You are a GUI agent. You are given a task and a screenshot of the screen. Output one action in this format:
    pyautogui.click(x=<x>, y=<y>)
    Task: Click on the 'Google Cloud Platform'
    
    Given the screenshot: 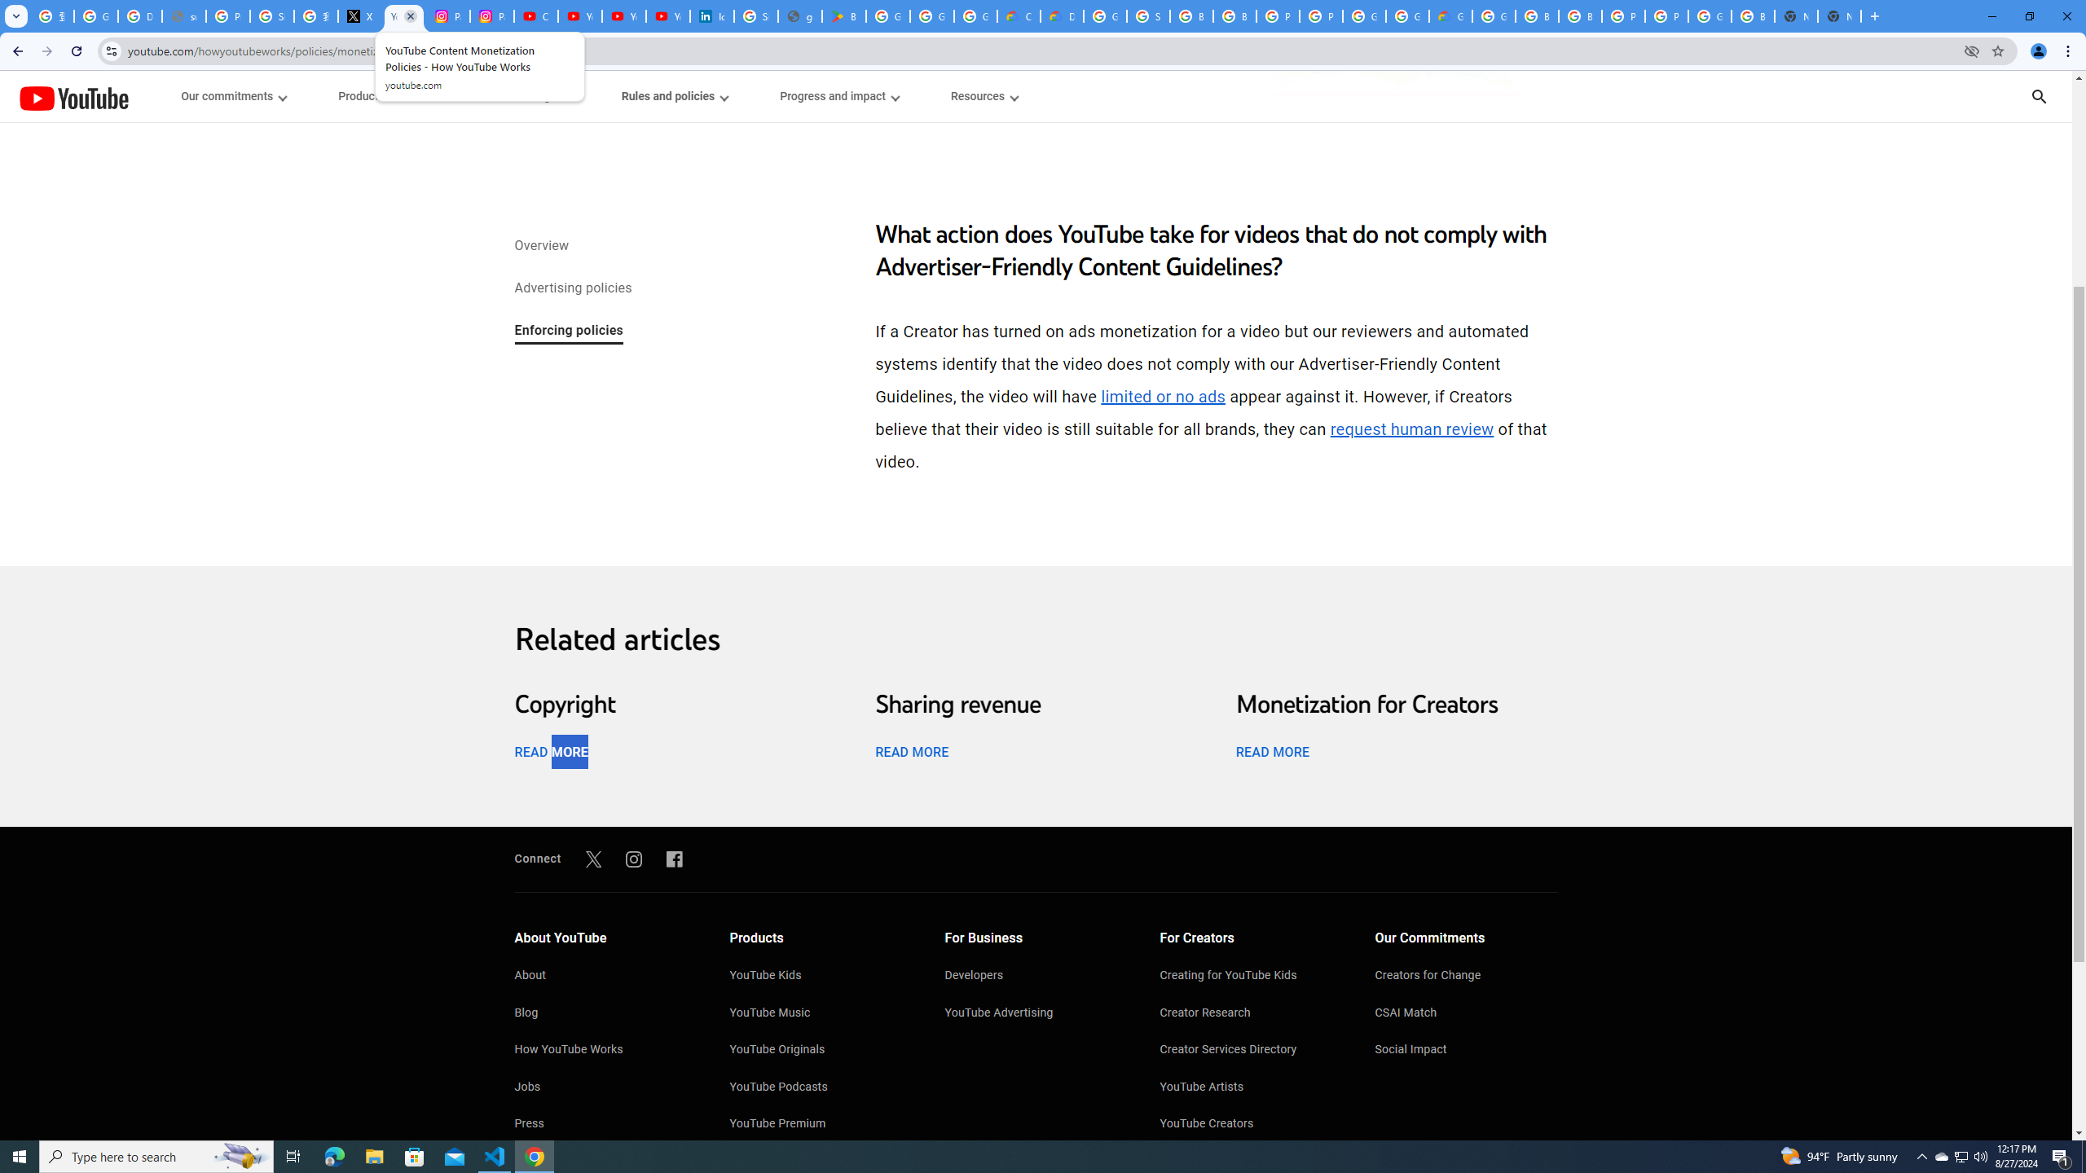 What is the action you would take?
    pyautogui.click(x=1408, y=15)
    